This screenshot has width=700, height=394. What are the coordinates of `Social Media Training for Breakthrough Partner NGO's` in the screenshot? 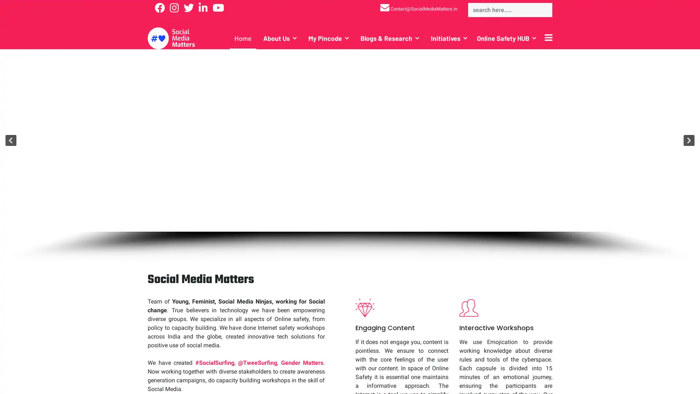 It's located at (379, 224).